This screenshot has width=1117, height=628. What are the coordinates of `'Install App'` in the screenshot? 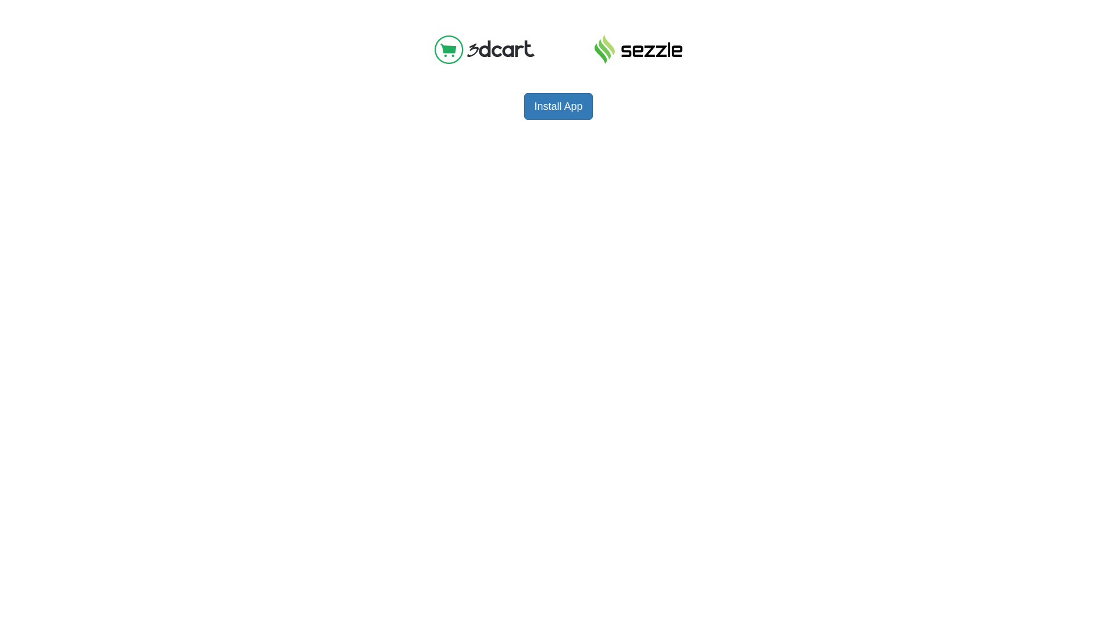 It's located at (557, 106).